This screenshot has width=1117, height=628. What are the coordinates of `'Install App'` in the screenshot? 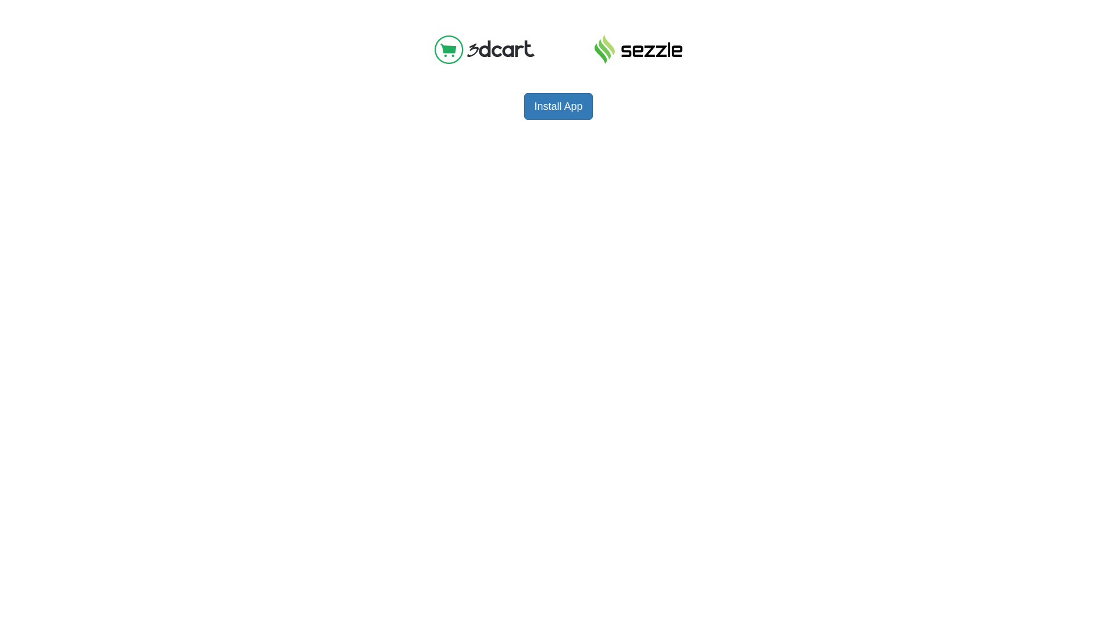 It's located at (557, 106).